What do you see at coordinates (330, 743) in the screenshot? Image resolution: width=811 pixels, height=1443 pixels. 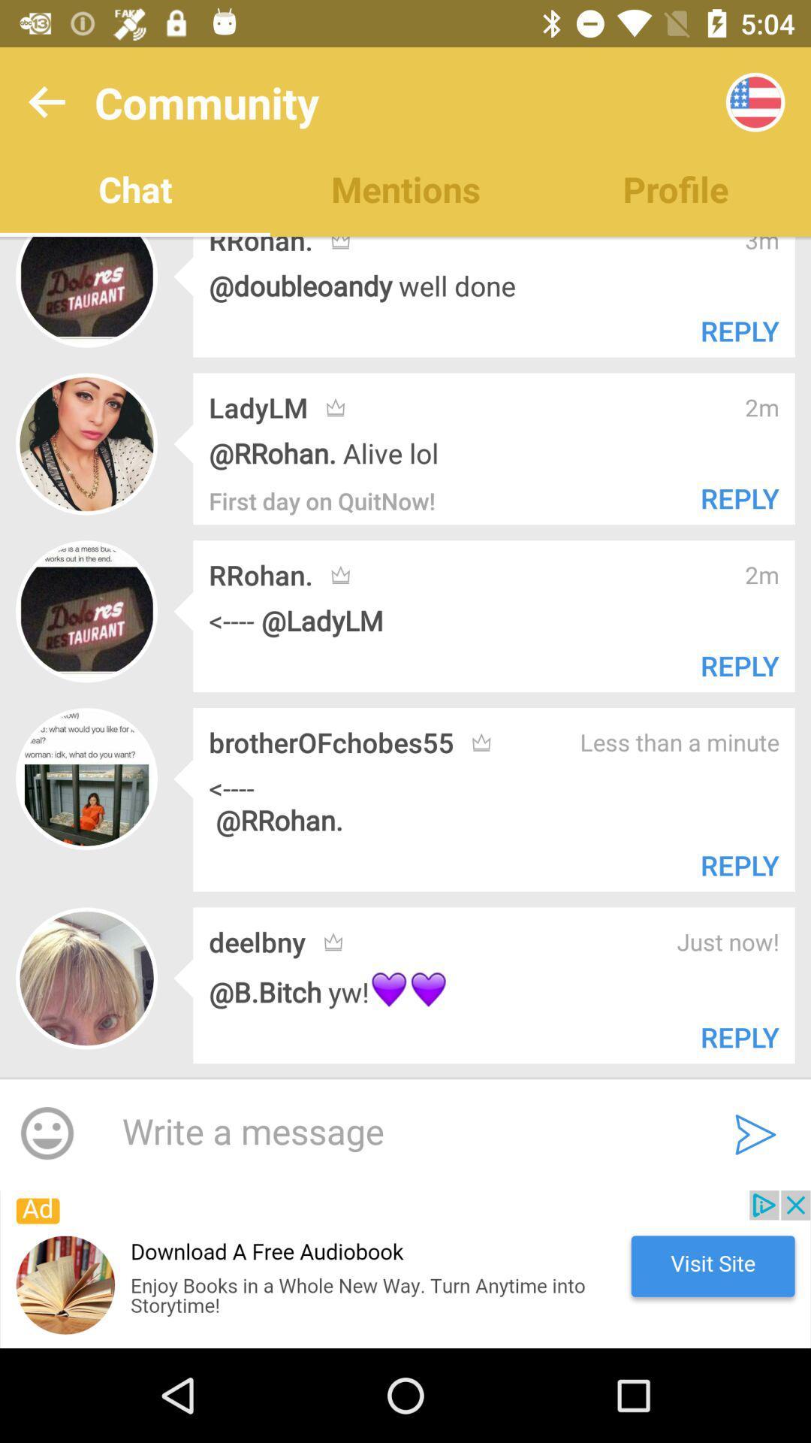 I see `the text which says brotherofchobes55` at bounding box center [330, 743].